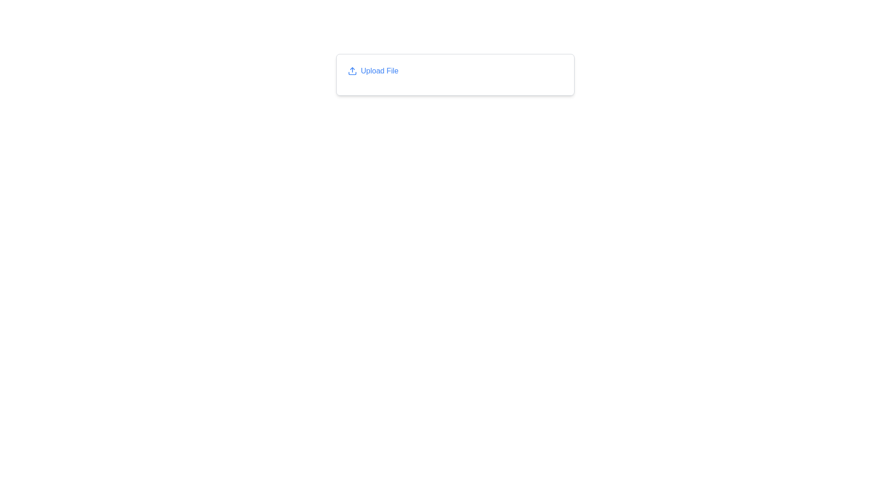  What do you see at coordinates (379, 71) in the screenshot?
I see `the clickable text link labeled 'Upload File'` at bounding box center [379, 71].